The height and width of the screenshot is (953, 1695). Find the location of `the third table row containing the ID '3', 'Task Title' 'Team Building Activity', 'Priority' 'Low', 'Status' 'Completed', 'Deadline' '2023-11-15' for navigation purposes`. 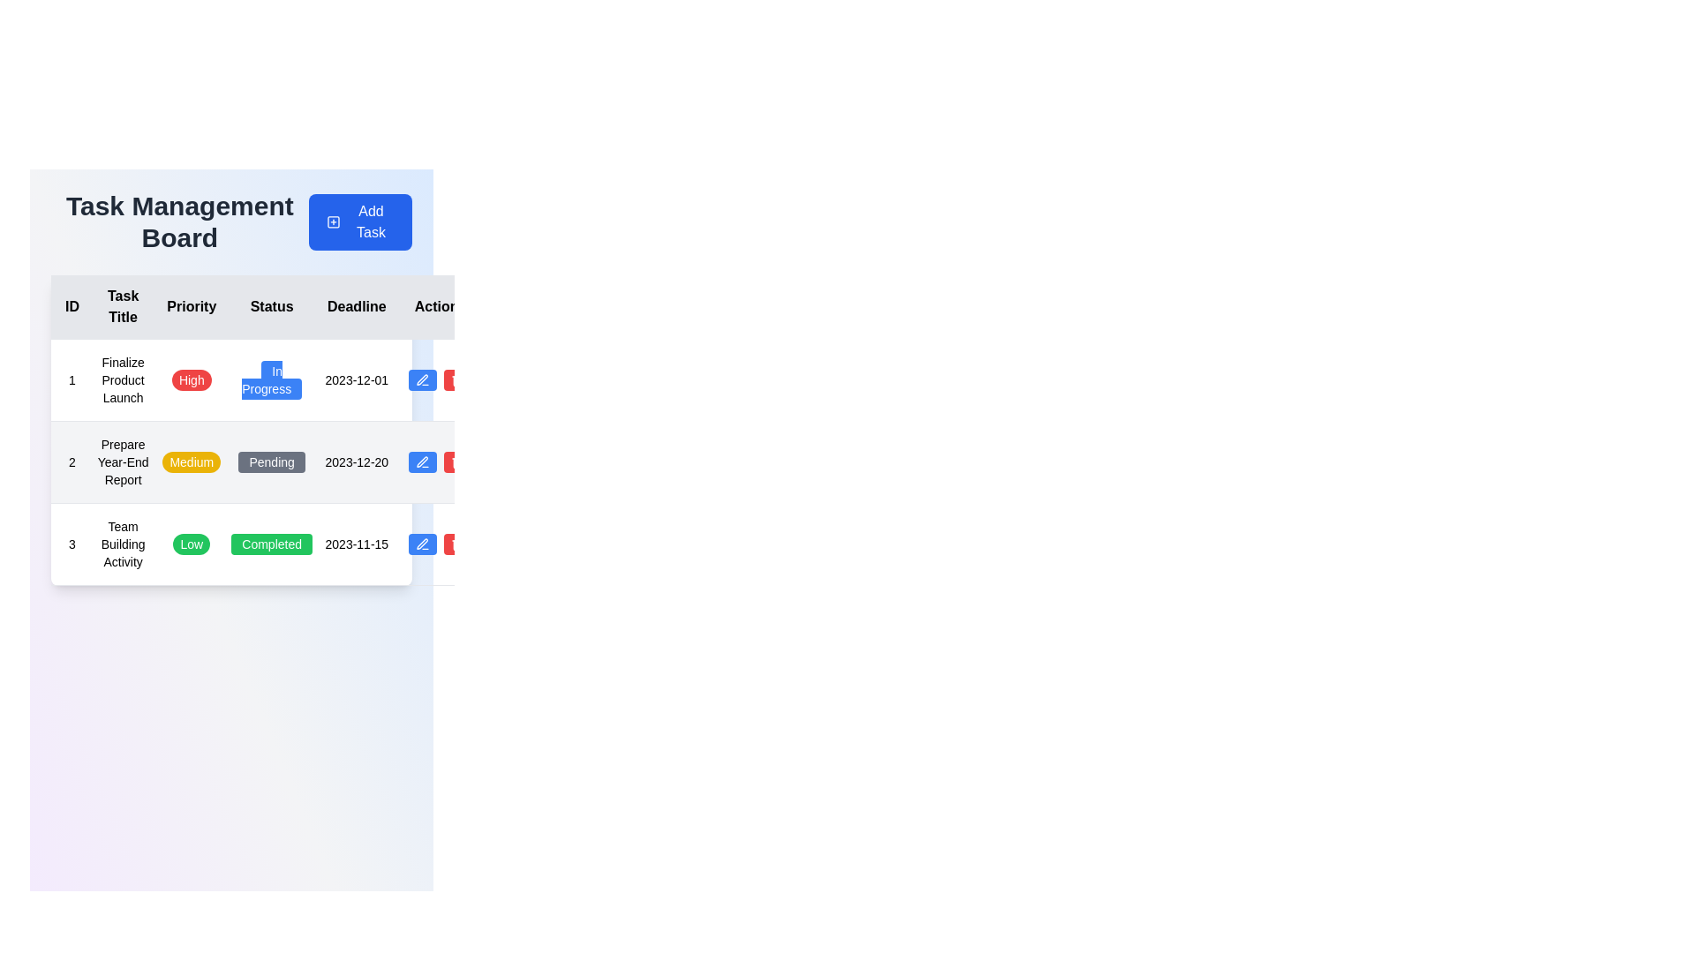

the third table row containing the ID '3', 'Task Title' 'Team Building Activity', 'Priority' 'Low', 'Status' 'Completed', 'Deadline' '2023-11-15' for navigation purposes is located at coordinates (265, 544).